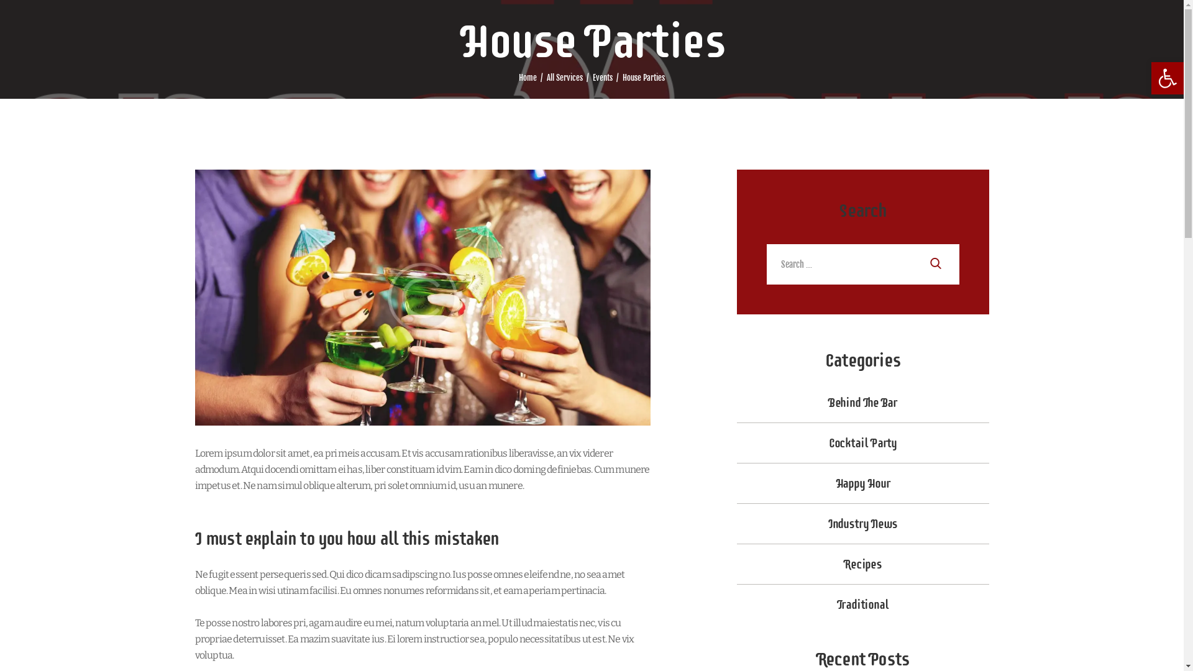 The height and width of the screenshot is (671, 1193). Describe the element at coordinates (939, 263) in the screenshot. I see `'Search'` at that location.